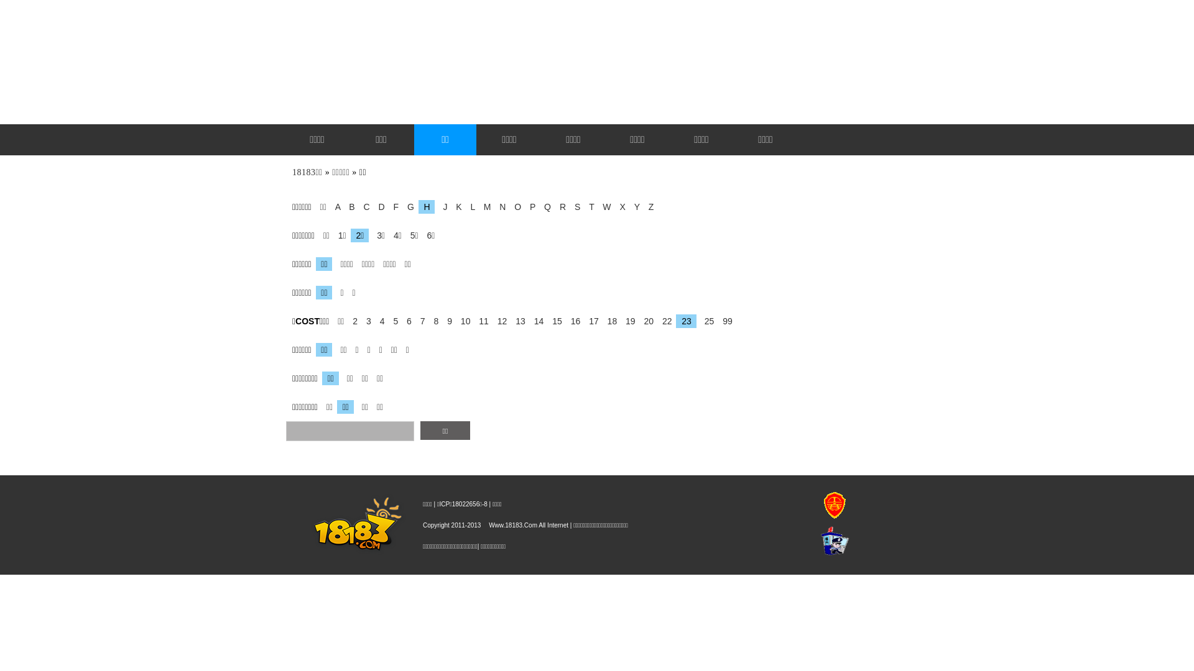  Describe the element at coordinates (572, 320) in the screenshot. I see `'16'` at that location.